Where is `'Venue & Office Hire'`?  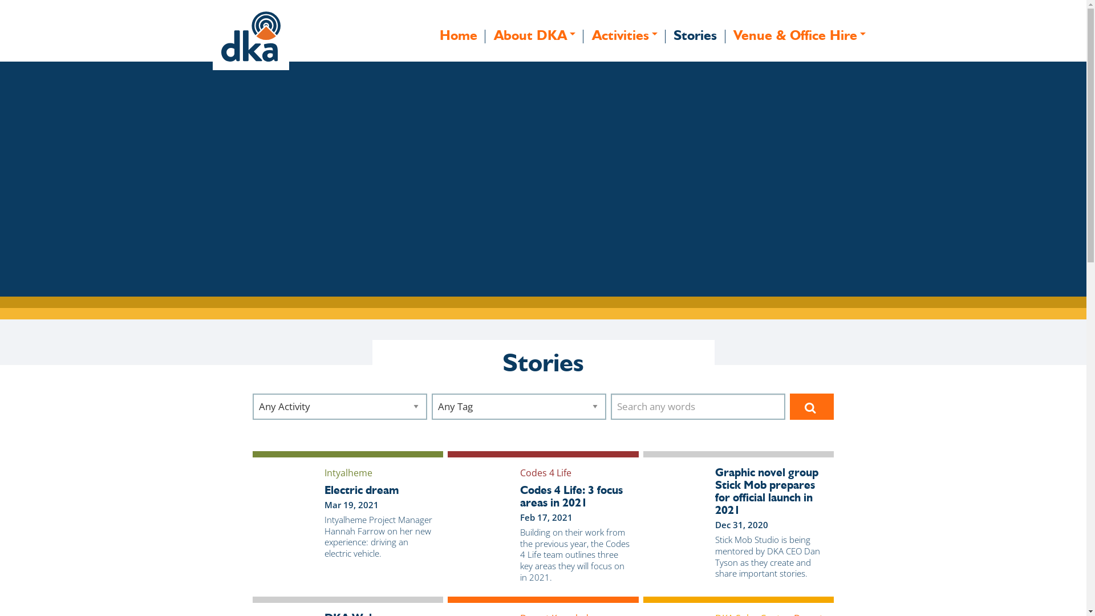 'Venue & Office Hire' is located at coordinates (799, 35).